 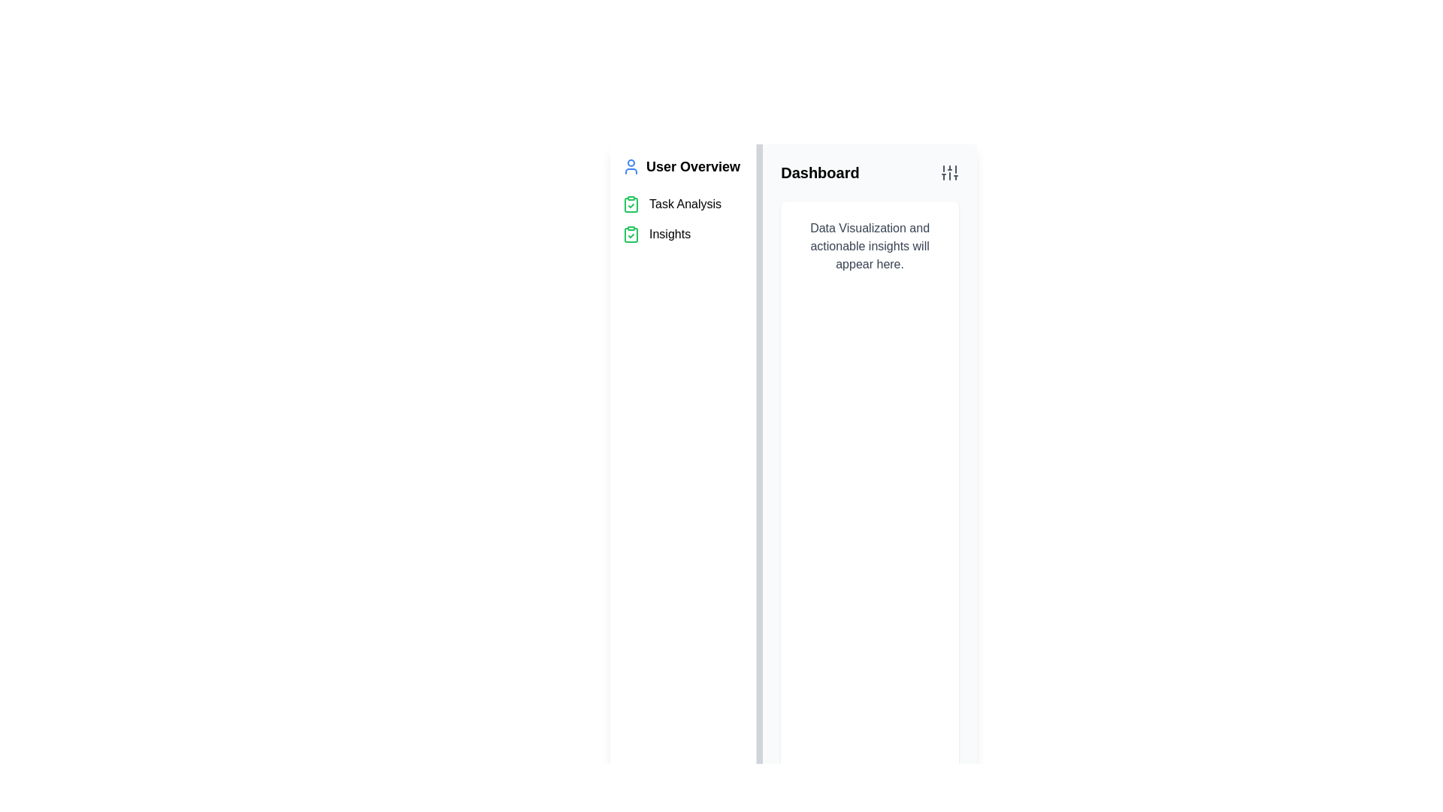 I want to click on the Settings or Controls icon located at the top right corner of the dashboard, so click(x=948, y=172).